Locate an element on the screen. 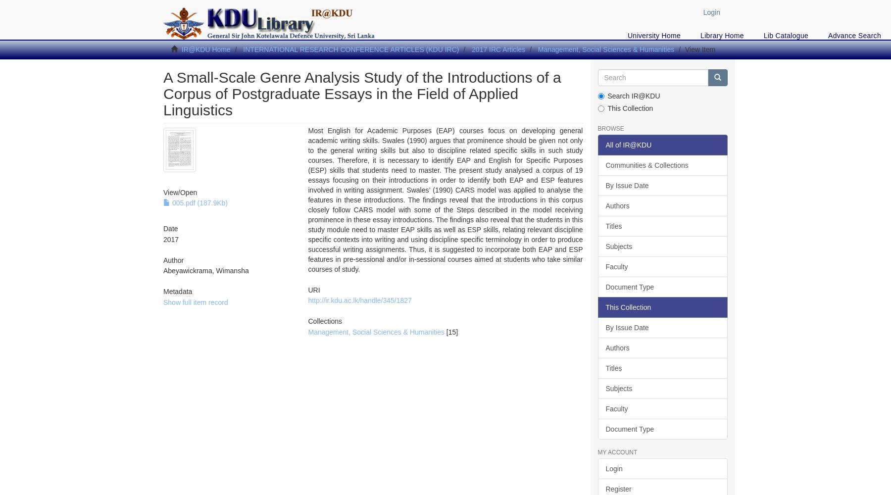  'http://ir.kdu.ac.lk/handle/345/1827' is located at coordinates (359, 300).